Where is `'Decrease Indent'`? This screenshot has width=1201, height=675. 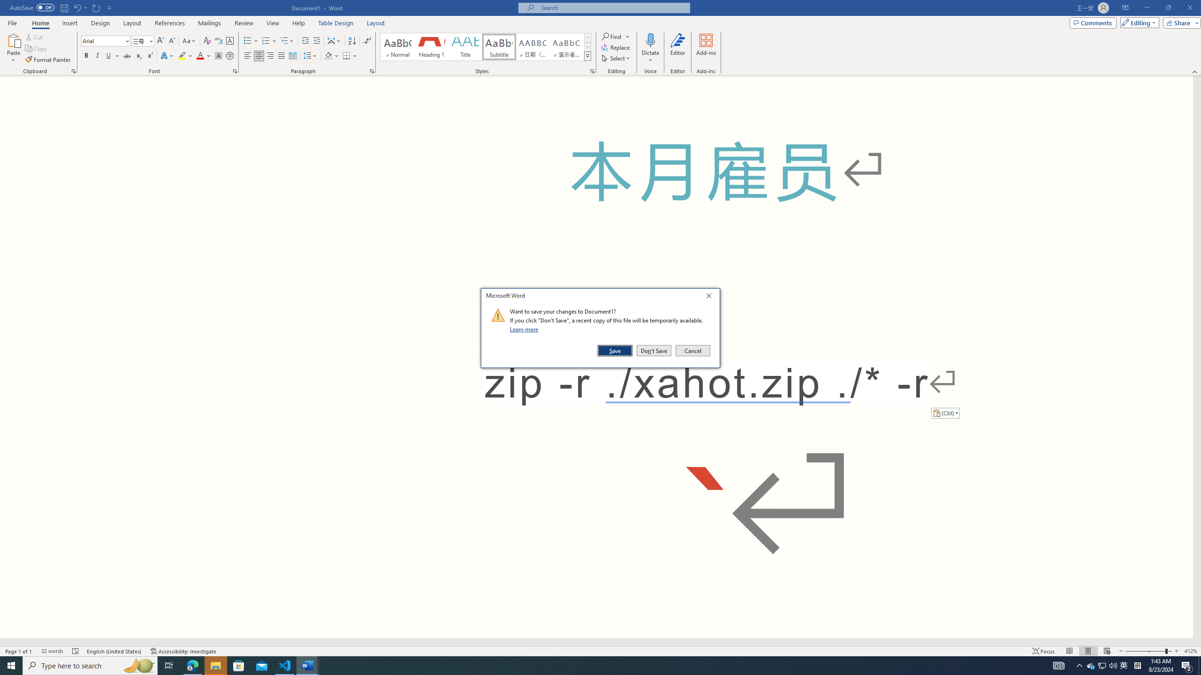 'Decrease Indent' is located at coordinates (305, 41).